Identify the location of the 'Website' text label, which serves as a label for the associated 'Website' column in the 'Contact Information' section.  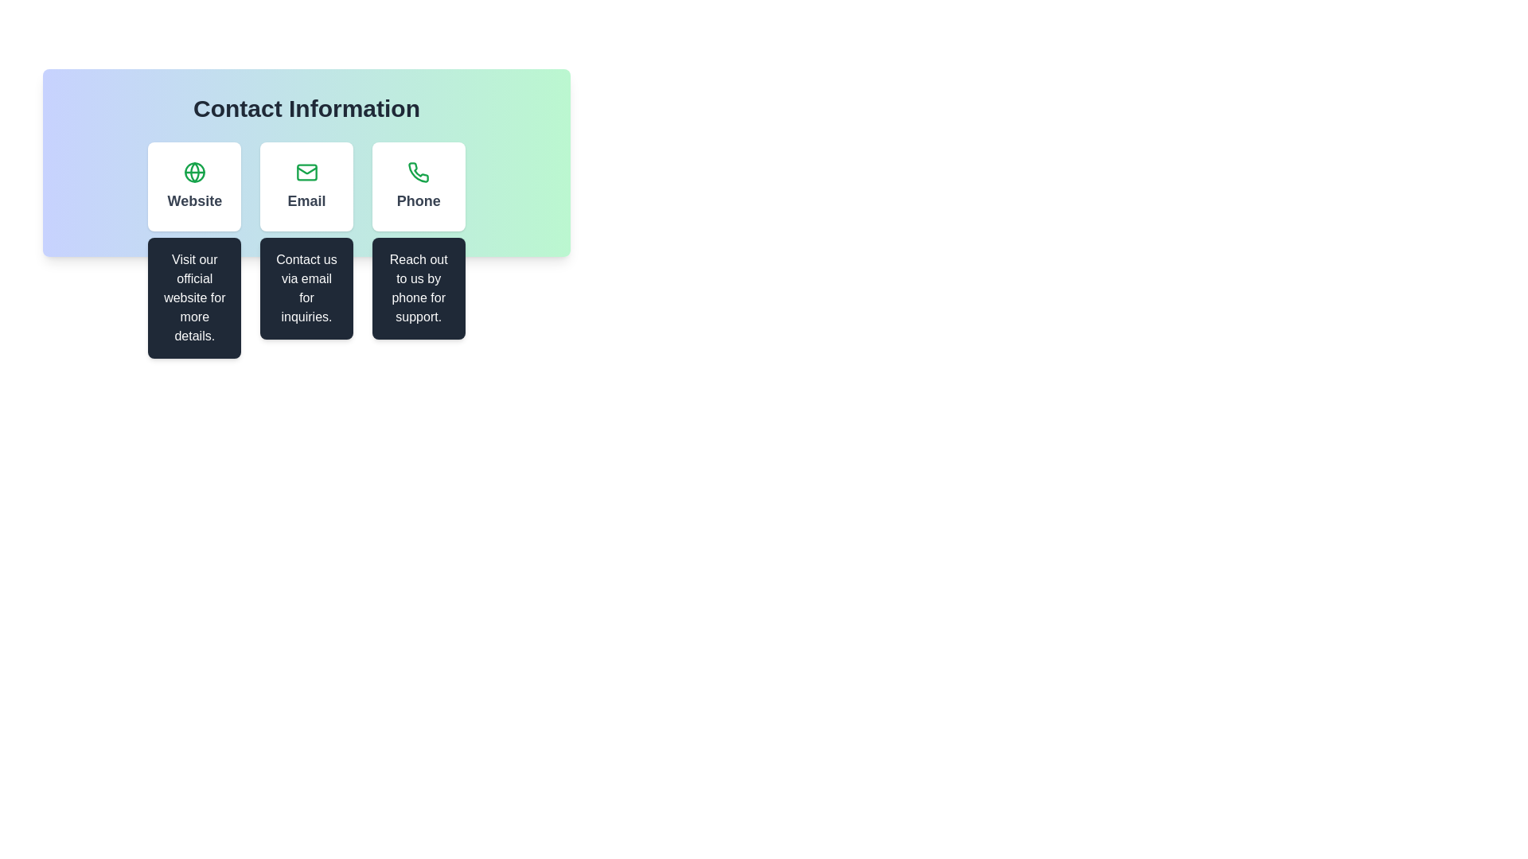
(193, 200).